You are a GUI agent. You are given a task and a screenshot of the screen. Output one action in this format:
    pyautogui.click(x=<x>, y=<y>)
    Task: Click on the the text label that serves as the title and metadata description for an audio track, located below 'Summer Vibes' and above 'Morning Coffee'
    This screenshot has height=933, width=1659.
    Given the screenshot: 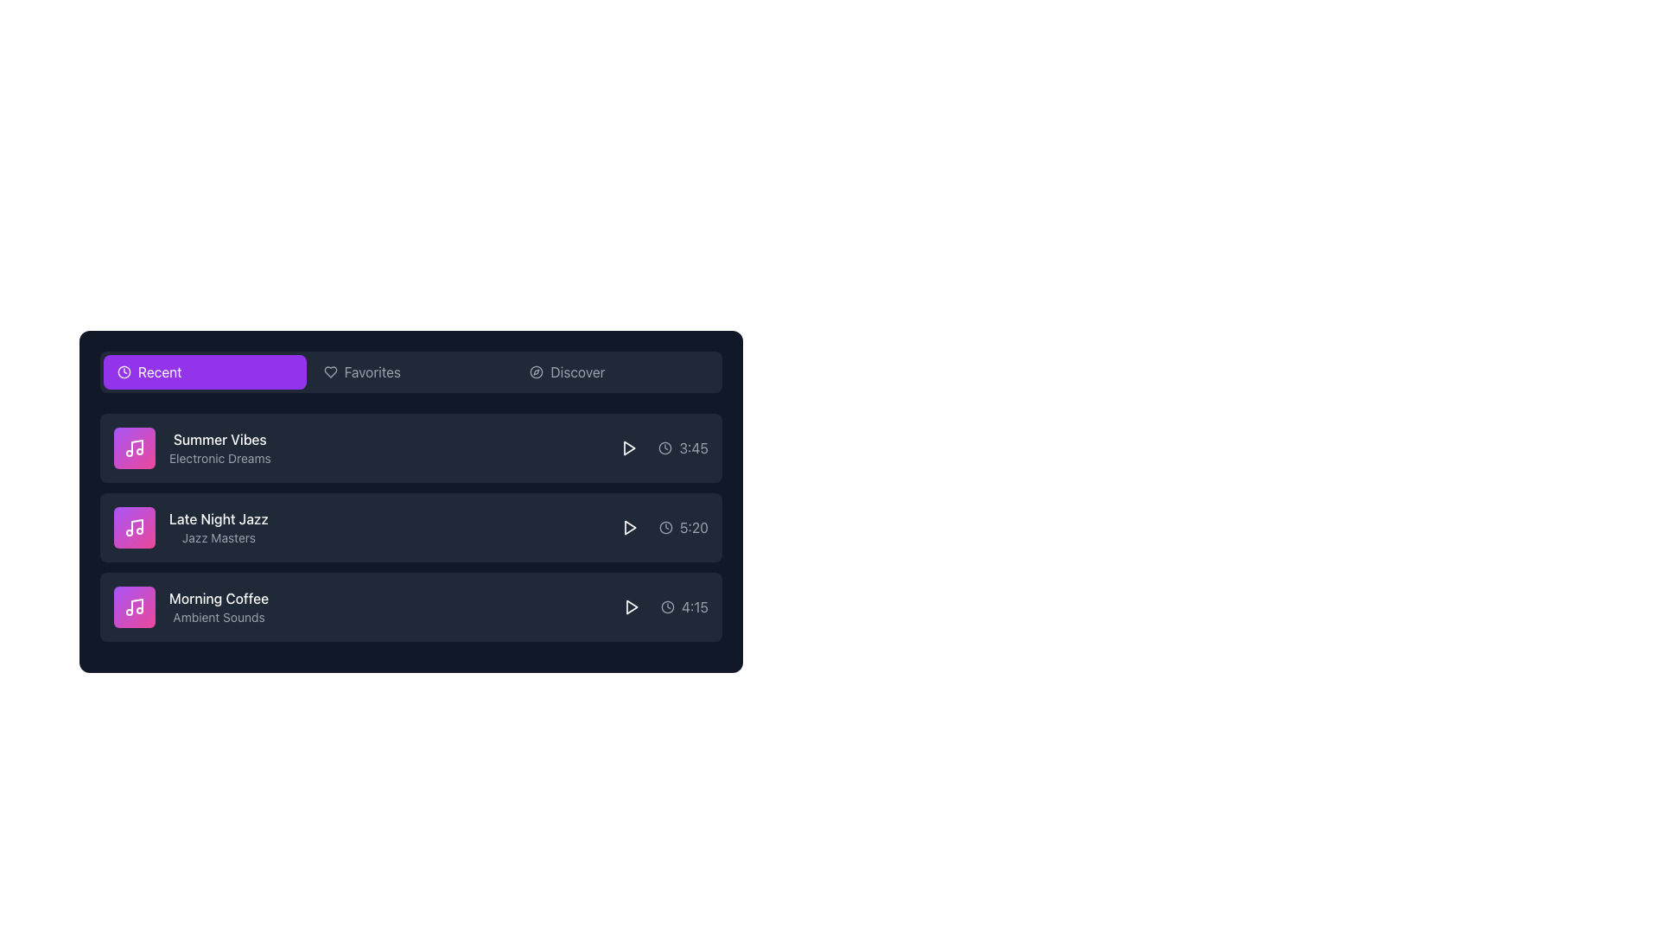 What is the action you would take?
    pyautogui.click(x=218, y=526)
    